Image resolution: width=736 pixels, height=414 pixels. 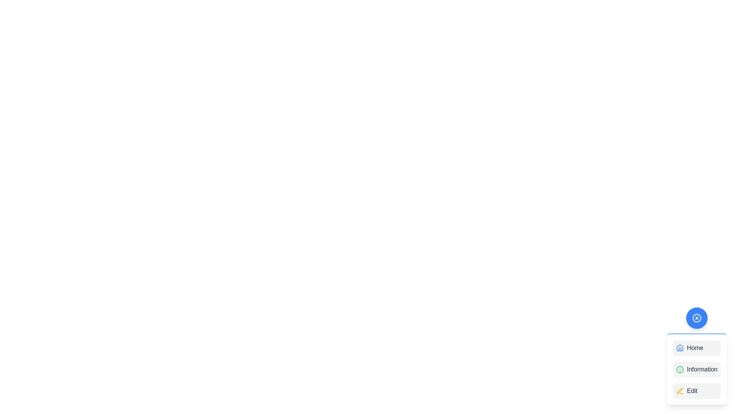 I want to click on the 'Information' button, which is a rectangular button with a light gray background, rounded corners, and a green information icon followed by the text 'Information' in bold, dark gray font, so click(x=697, y=369).